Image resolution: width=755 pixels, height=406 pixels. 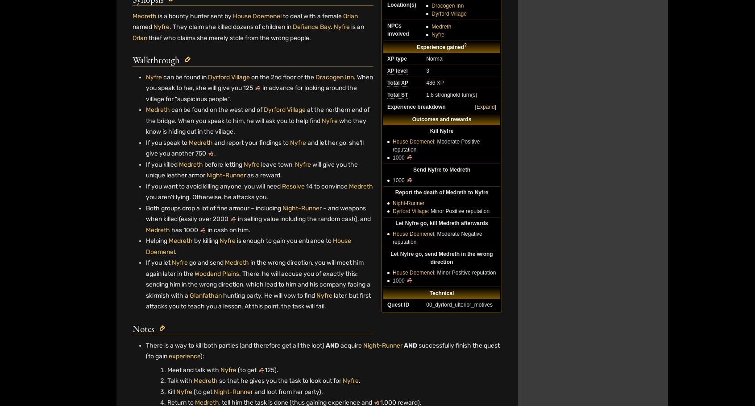 I want to click on 'No Comments Yet', so click(x=316, y=85).